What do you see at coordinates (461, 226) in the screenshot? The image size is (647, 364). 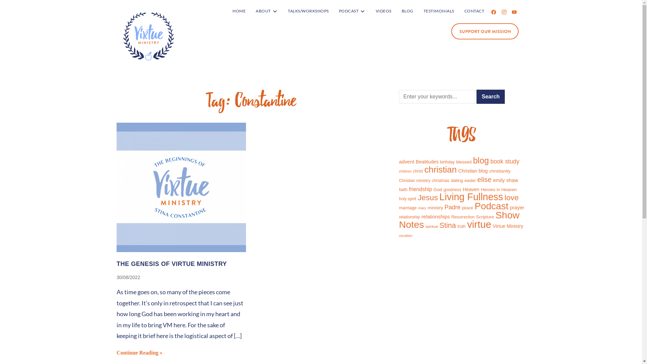 I see `'truth'` at bounding box center [461, 226].